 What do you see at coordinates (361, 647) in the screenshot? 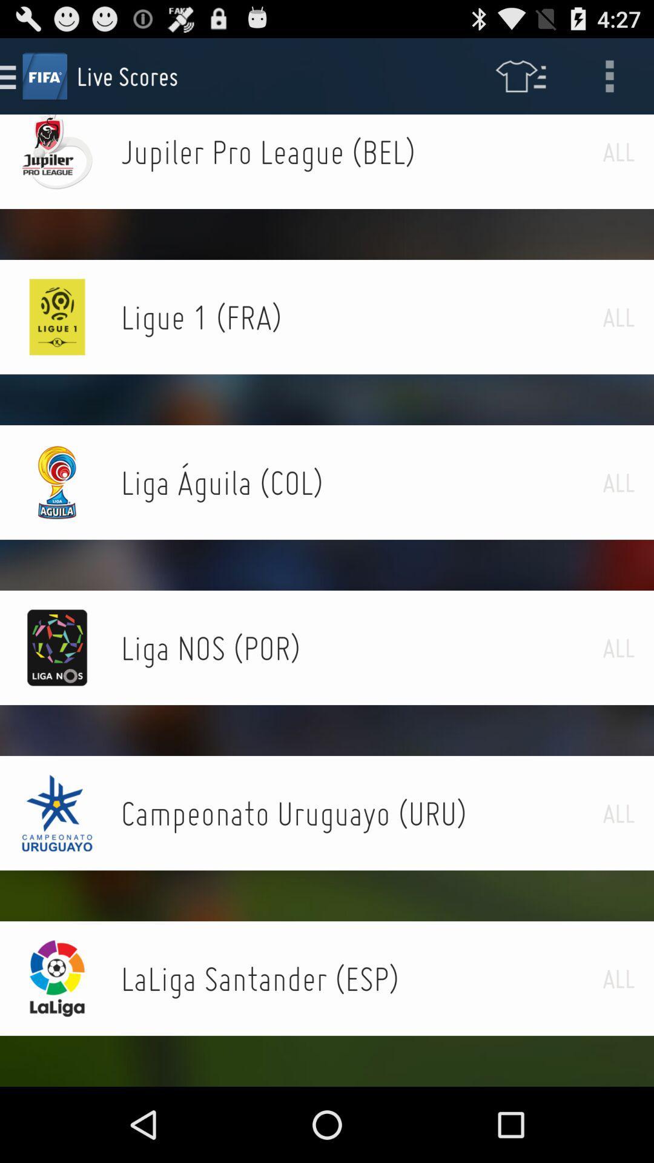
I see `the icon next to the all item` at bounding box center [361, 647].